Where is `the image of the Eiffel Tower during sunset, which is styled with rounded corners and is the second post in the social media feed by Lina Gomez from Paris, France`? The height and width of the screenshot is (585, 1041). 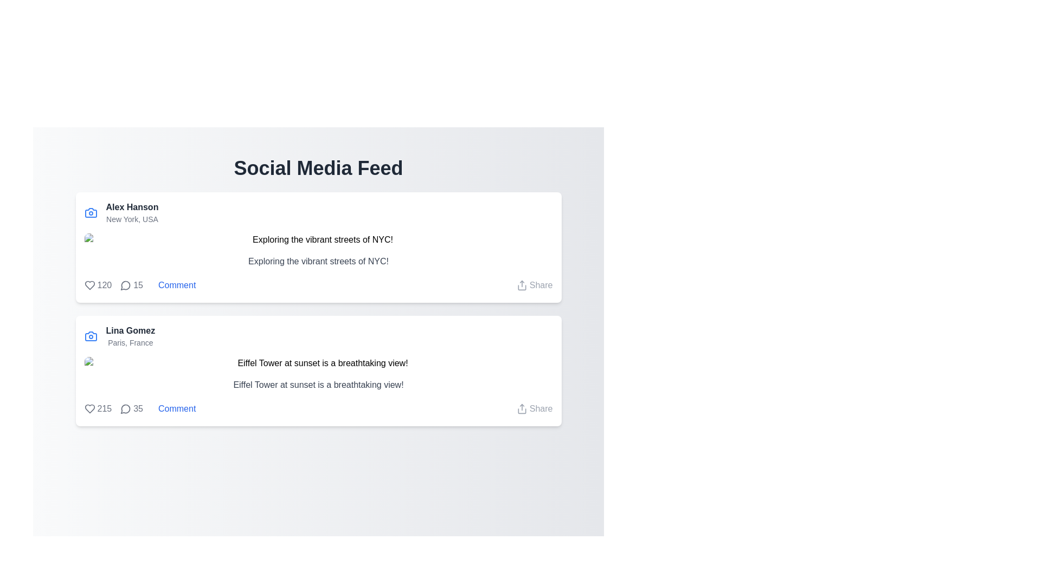
the image of the Eiffel Tower during sunset, which is styled with rounded corners and is the second post in the social media feed by Lina Gomez from Paris, France is located at coordinates (318, 363).